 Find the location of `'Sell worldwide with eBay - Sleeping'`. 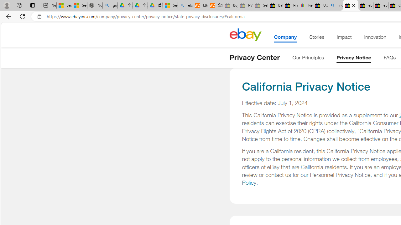

'Sell worldwide with eBay - Sleeping' is located at coordinates (260, 5).